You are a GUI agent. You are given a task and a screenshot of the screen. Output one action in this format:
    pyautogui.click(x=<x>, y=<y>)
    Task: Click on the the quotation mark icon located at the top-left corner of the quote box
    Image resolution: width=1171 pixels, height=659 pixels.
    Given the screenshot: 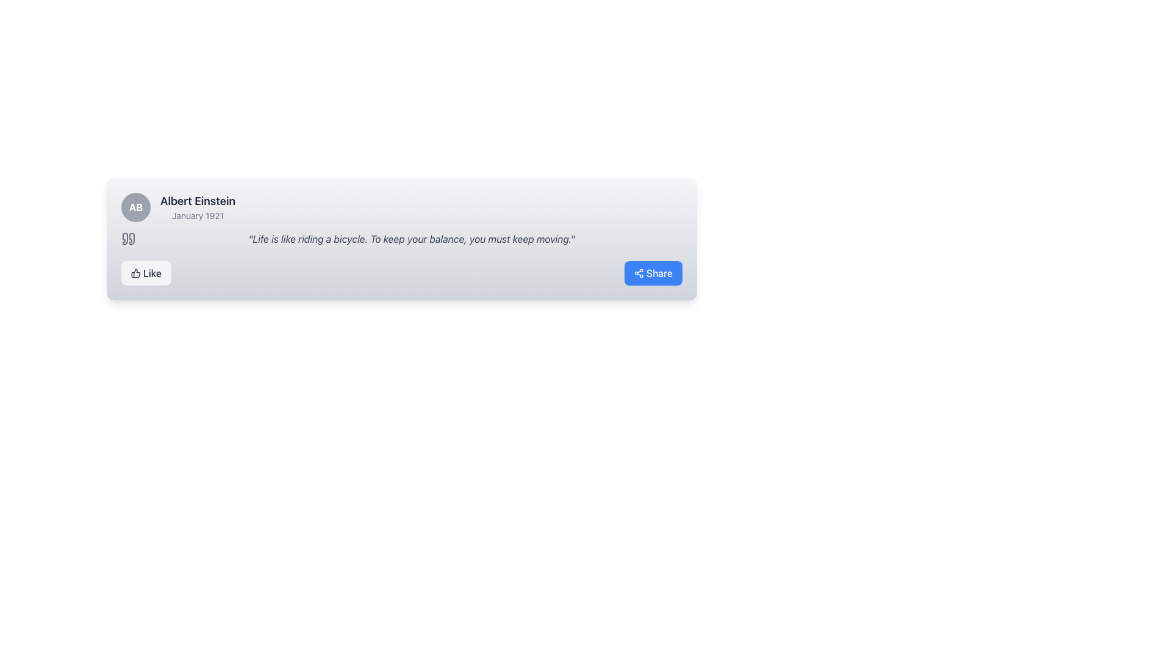 What is the action you would take?
    pyautogui.click(x=129, y=239)
    